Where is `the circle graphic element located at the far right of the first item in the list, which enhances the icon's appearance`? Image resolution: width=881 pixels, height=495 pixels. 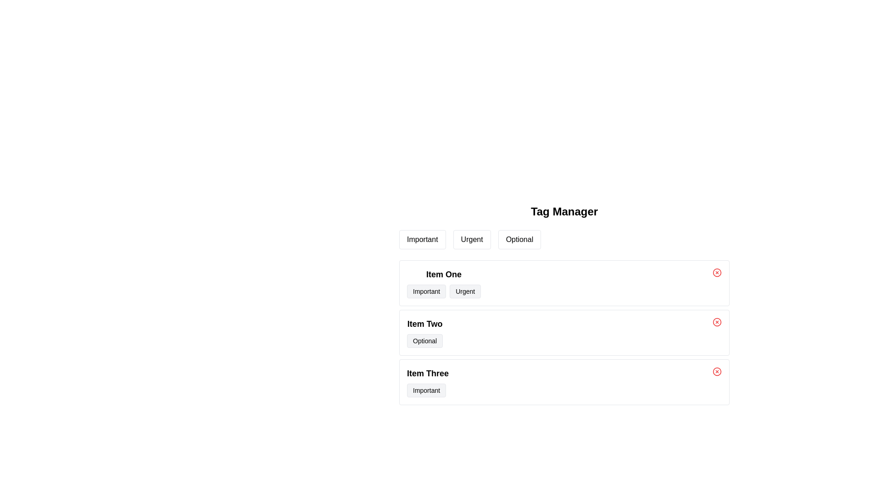 the circle graphic element located at the far right of the first item in the list, which enhances the icon's appearance is located at coordinates (717, 272).